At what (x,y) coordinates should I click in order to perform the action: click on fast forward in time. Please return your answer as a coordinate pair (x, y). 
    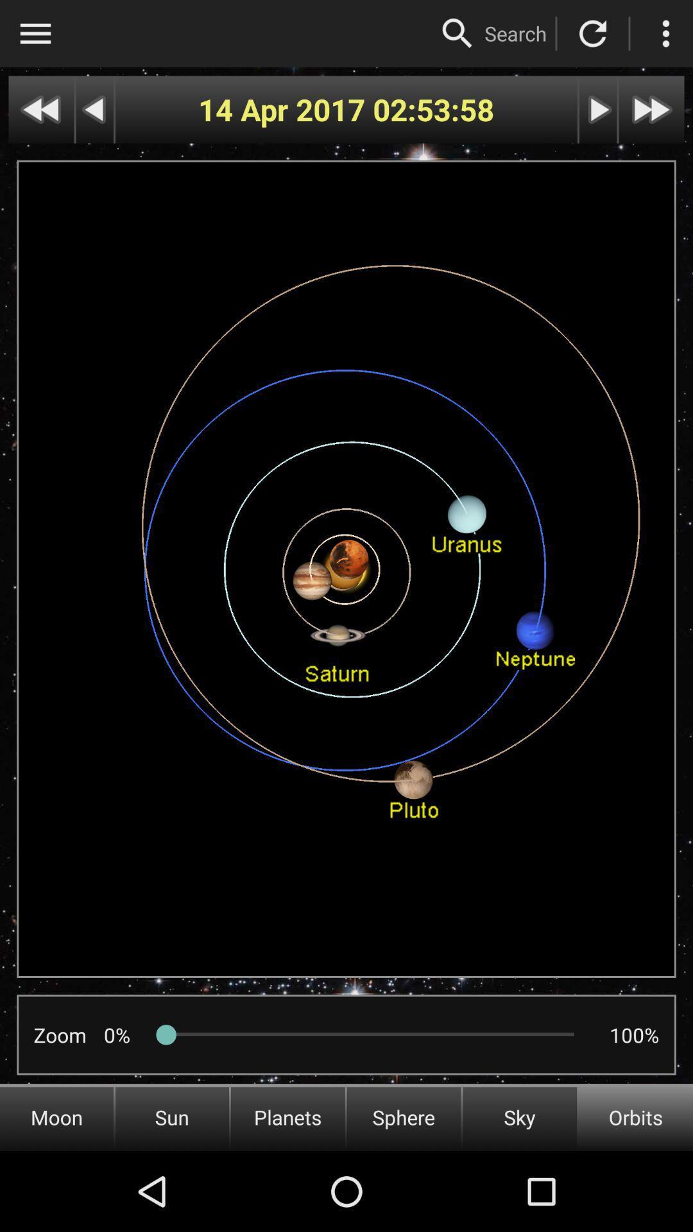
    Looking at the image, I should click on (651, 110).